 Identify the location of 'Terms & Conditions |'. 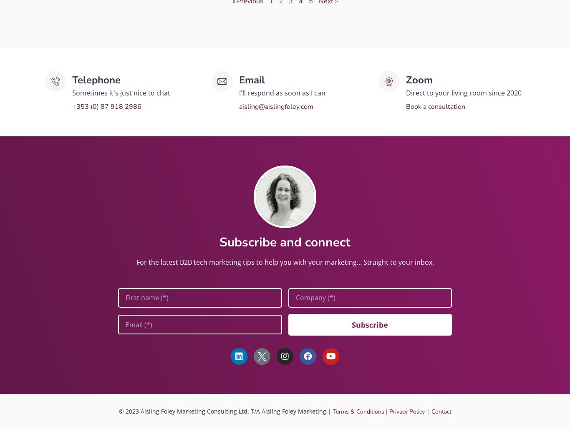
(333, 411).